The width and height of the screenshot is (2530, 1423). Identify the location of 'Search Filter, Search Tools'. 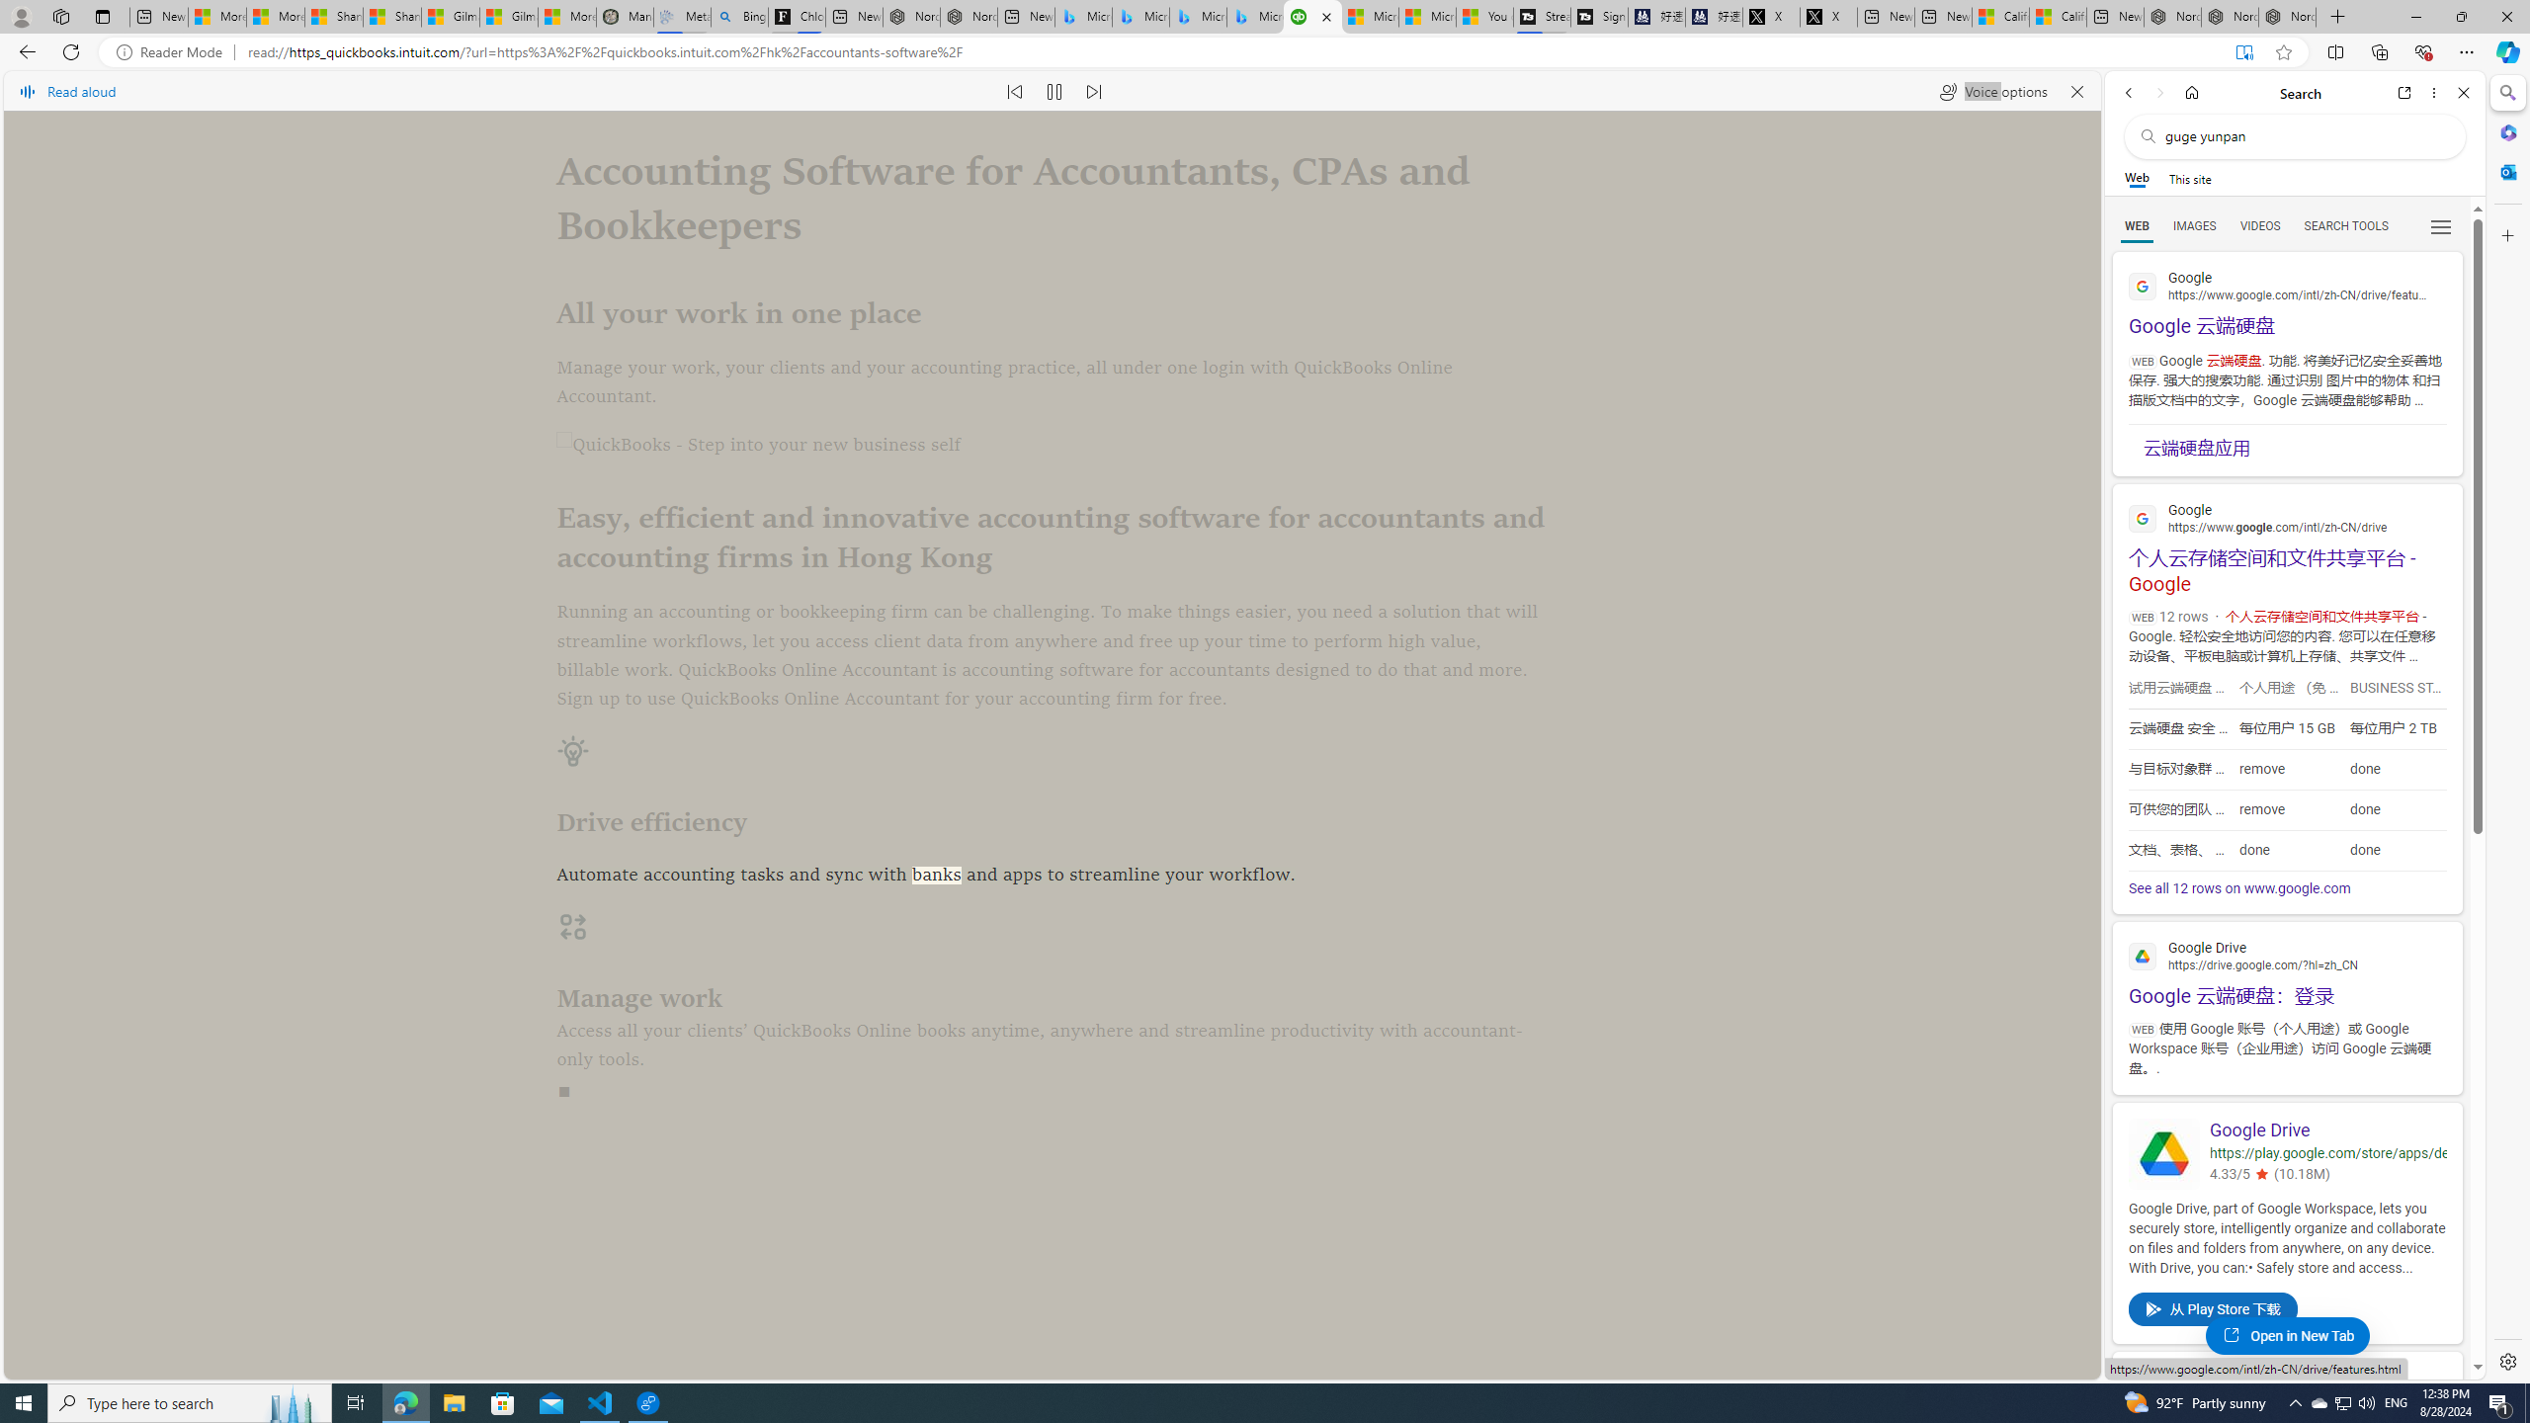
(2345, 224).